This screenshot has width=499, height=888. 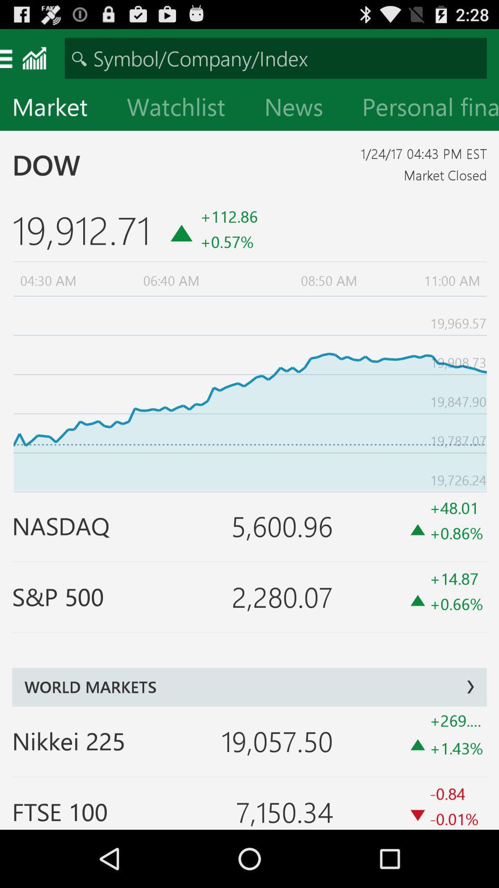 I want to click on news icon, so click(x=301, y=109).